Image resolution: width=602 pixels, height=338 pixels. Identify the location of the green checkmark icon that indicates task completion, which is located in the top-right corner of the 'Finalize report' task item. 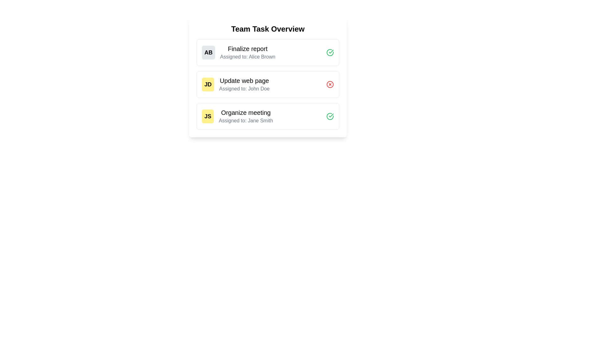
(331, 115).